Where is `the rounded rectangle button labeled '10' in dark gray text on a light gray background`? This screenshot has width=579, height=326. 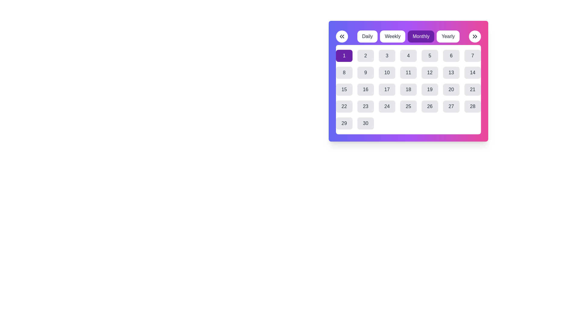 the rounded rectangle button labeled '10' in dark gray text on a light gray background is located at coordinates (387, 72).